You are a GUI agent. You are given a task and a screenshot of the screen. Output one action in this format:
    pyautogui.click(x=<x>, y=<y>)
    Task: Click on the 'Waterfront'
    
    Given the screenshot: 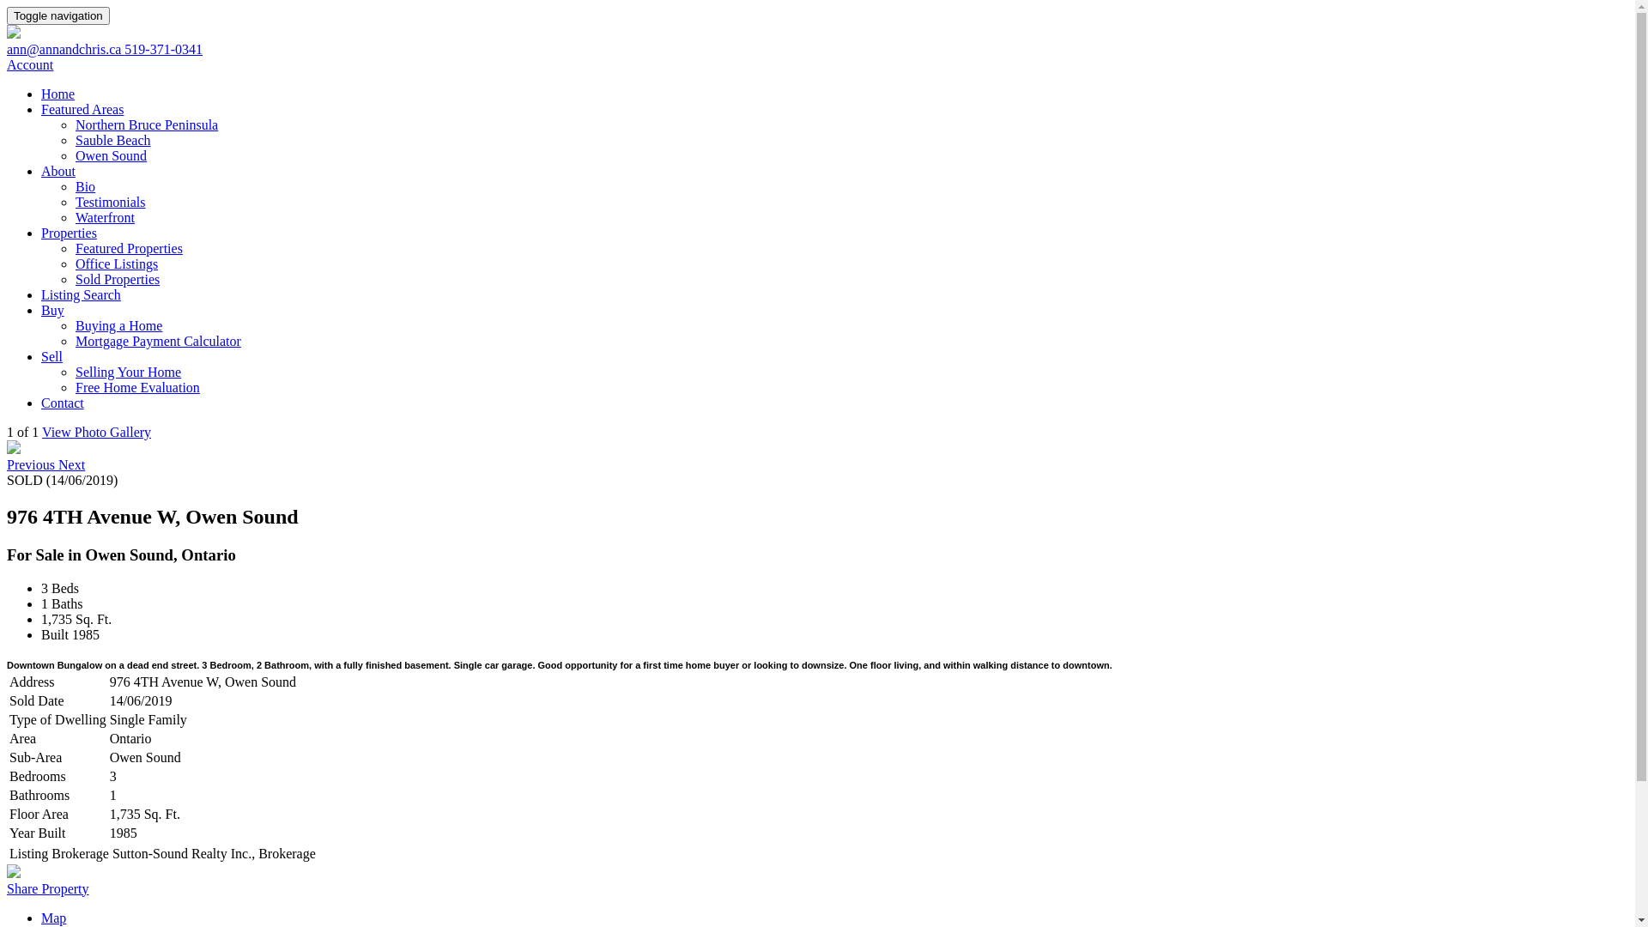 What is the action you would take?
    pyautogui.click(x=104, y=216)
    